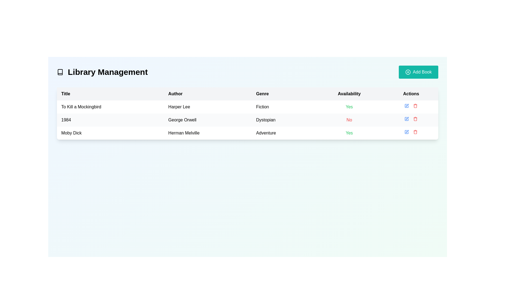  Describe the element at coordinates (247, 107) in the screenshot. I see `the first row of the table that contains the book 'To Kill a Mockingbird' by Harper Lee, categorized as 'Fiction', with 'Yes' indicating availability` at that location.